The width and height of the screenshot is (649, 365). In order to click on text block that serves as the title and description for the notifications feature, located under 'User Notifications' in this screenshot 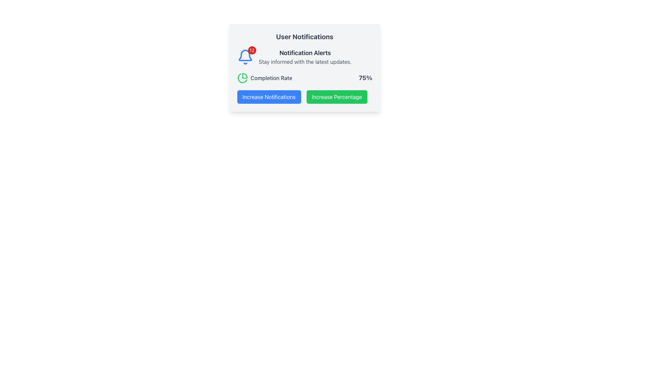, I will do `click(305, 57)`.